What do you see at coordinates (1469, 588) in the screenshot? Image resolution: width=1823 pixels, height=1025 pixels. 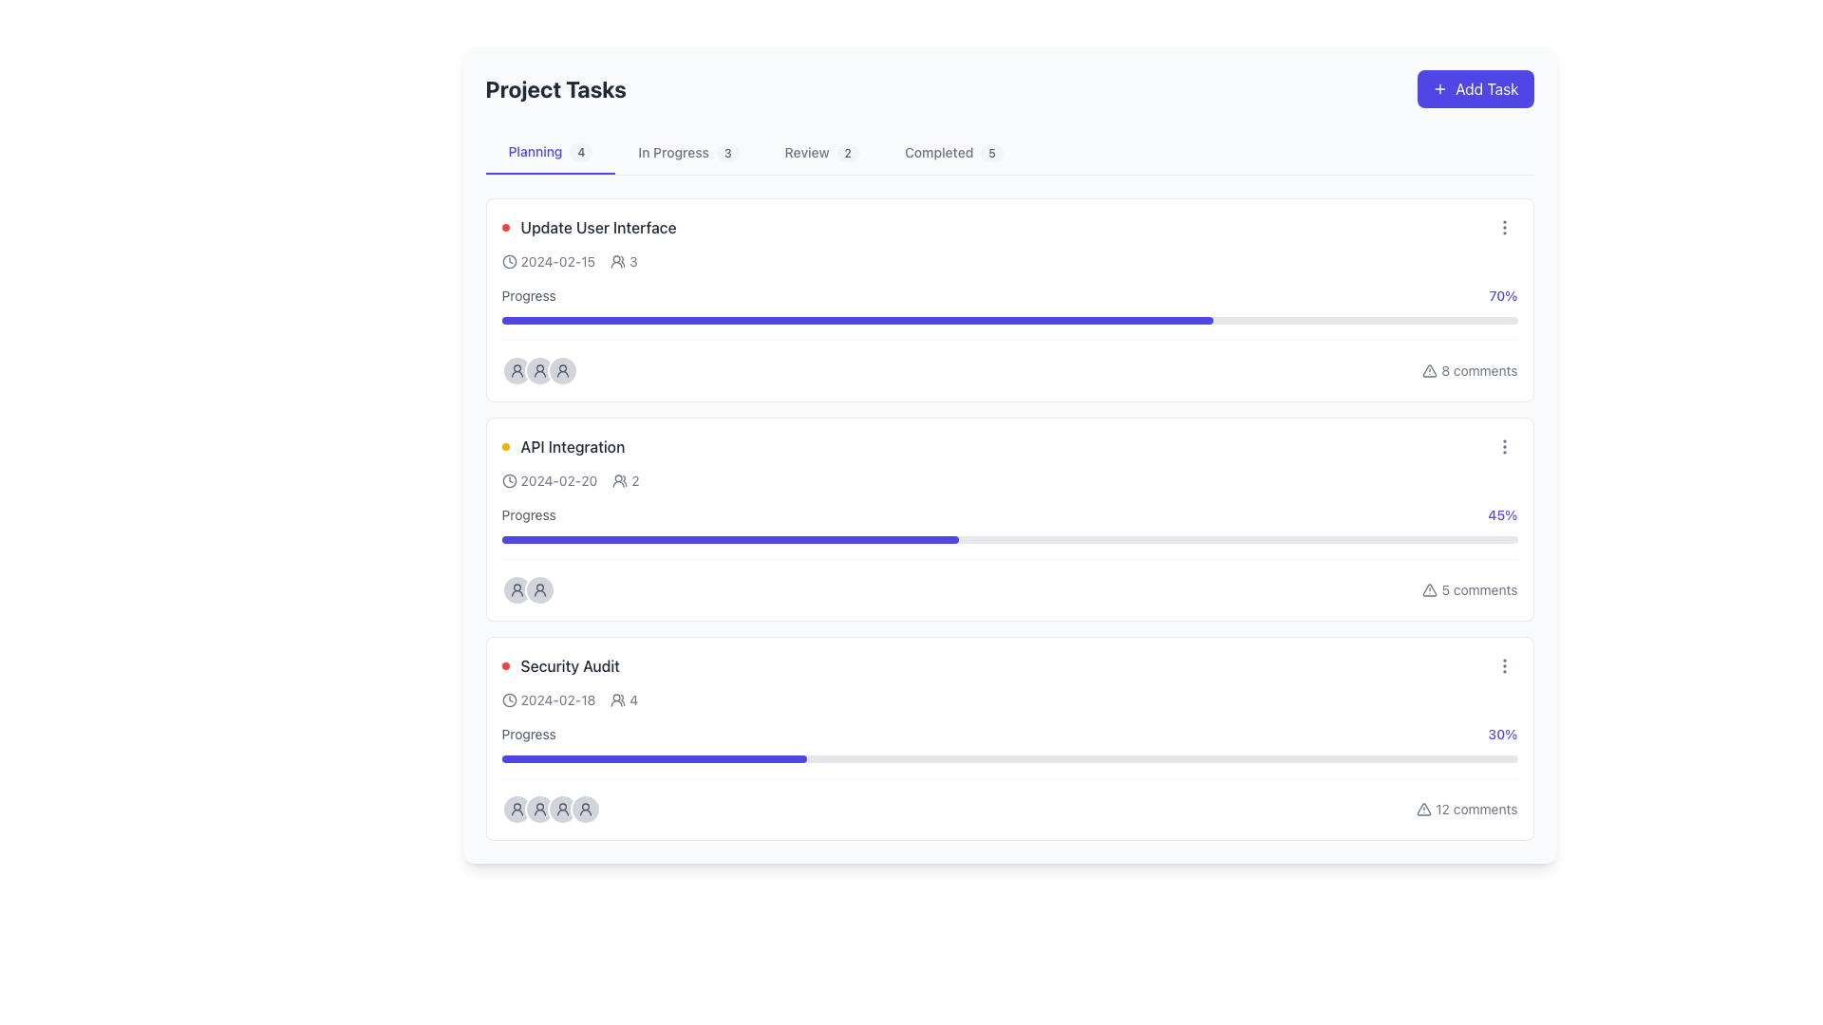 I see `the '5 comments' text indicator with a triangular warning icon located at the bottom right of the second task card labeled 'API Integration'` at bounding box center [1469, 588].